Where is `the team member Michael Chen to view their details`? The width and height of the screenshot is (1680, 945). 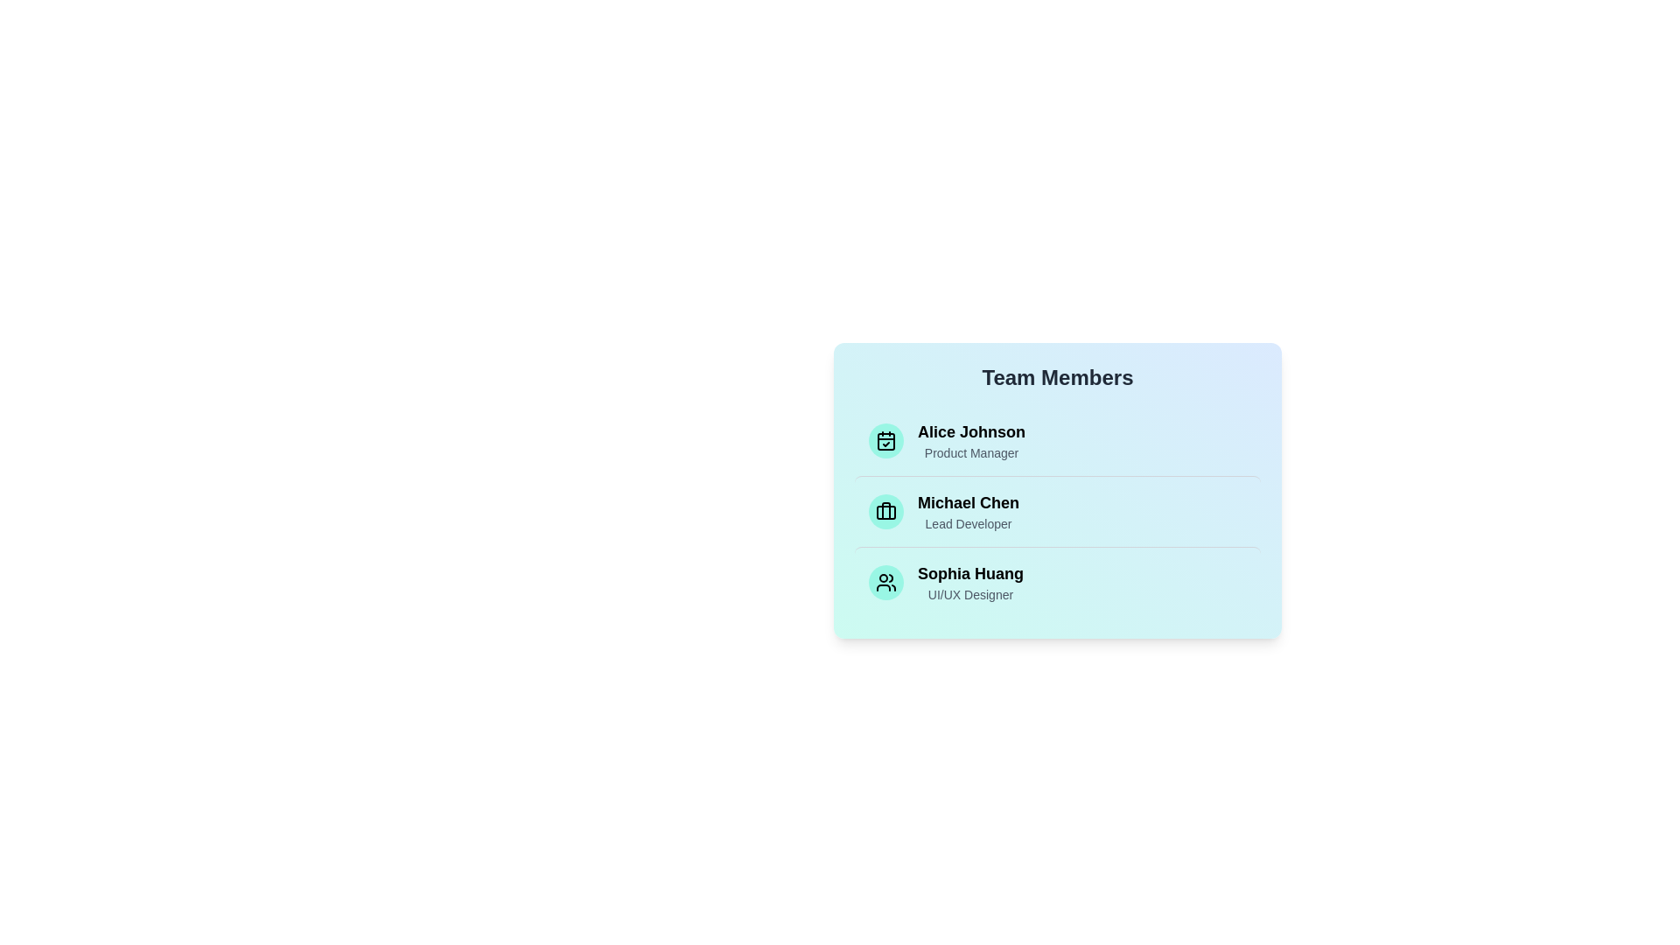
the team member Michael Chen to view their details is located at coordinates (1057, 511).